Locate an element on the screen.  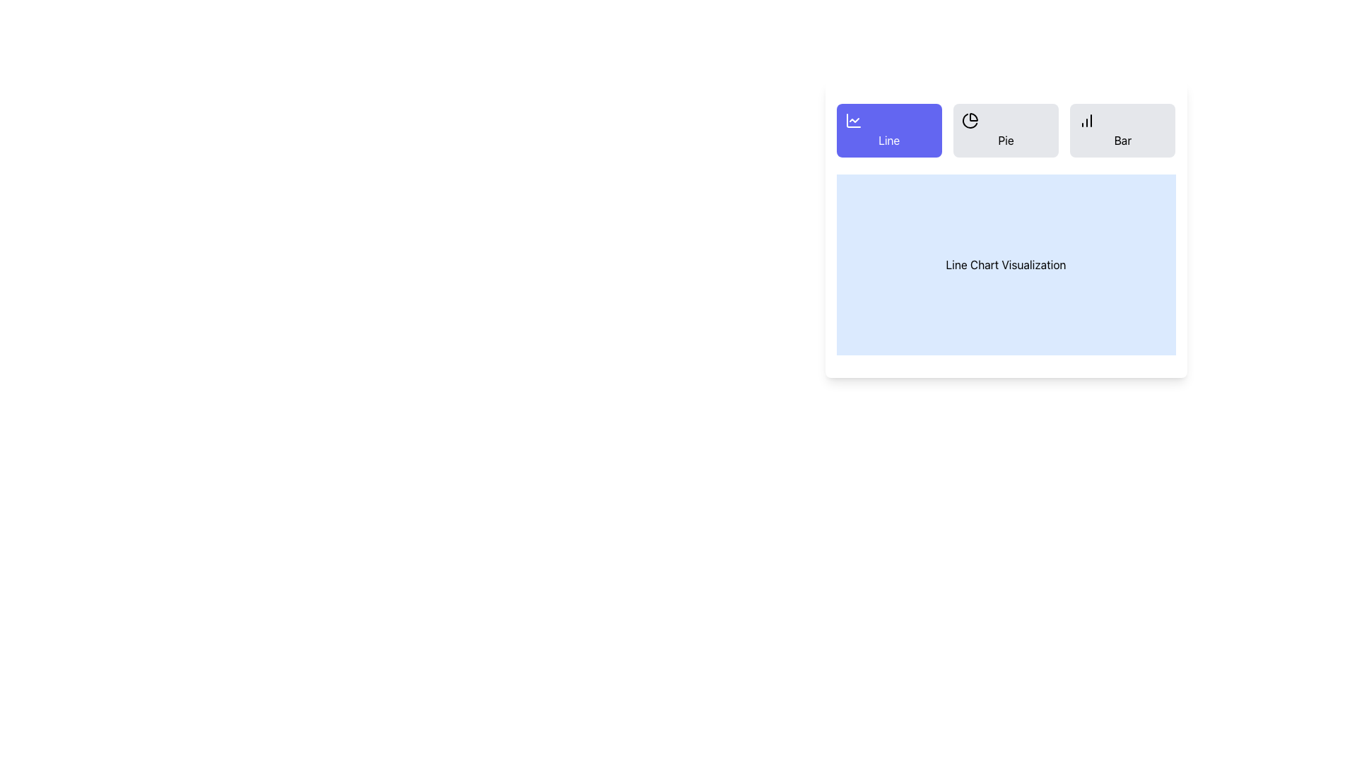
the 'Line' button in the button group is located at coordinates (1005, 131).